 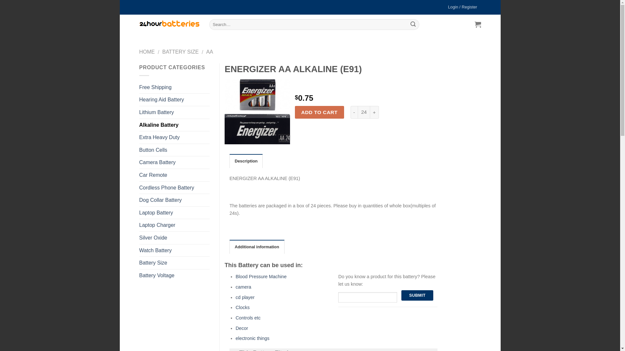 What do you see at coordinates (245, 297) in the screenshot?
I see `'cd player'` at bounding box center [245, 297].